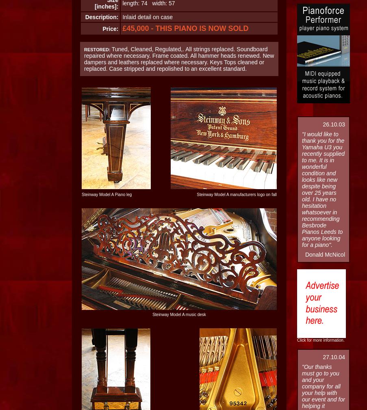  Describe the element at coordinates (333, 124) in the screenshot. I see `'26.10.03'` at that location.